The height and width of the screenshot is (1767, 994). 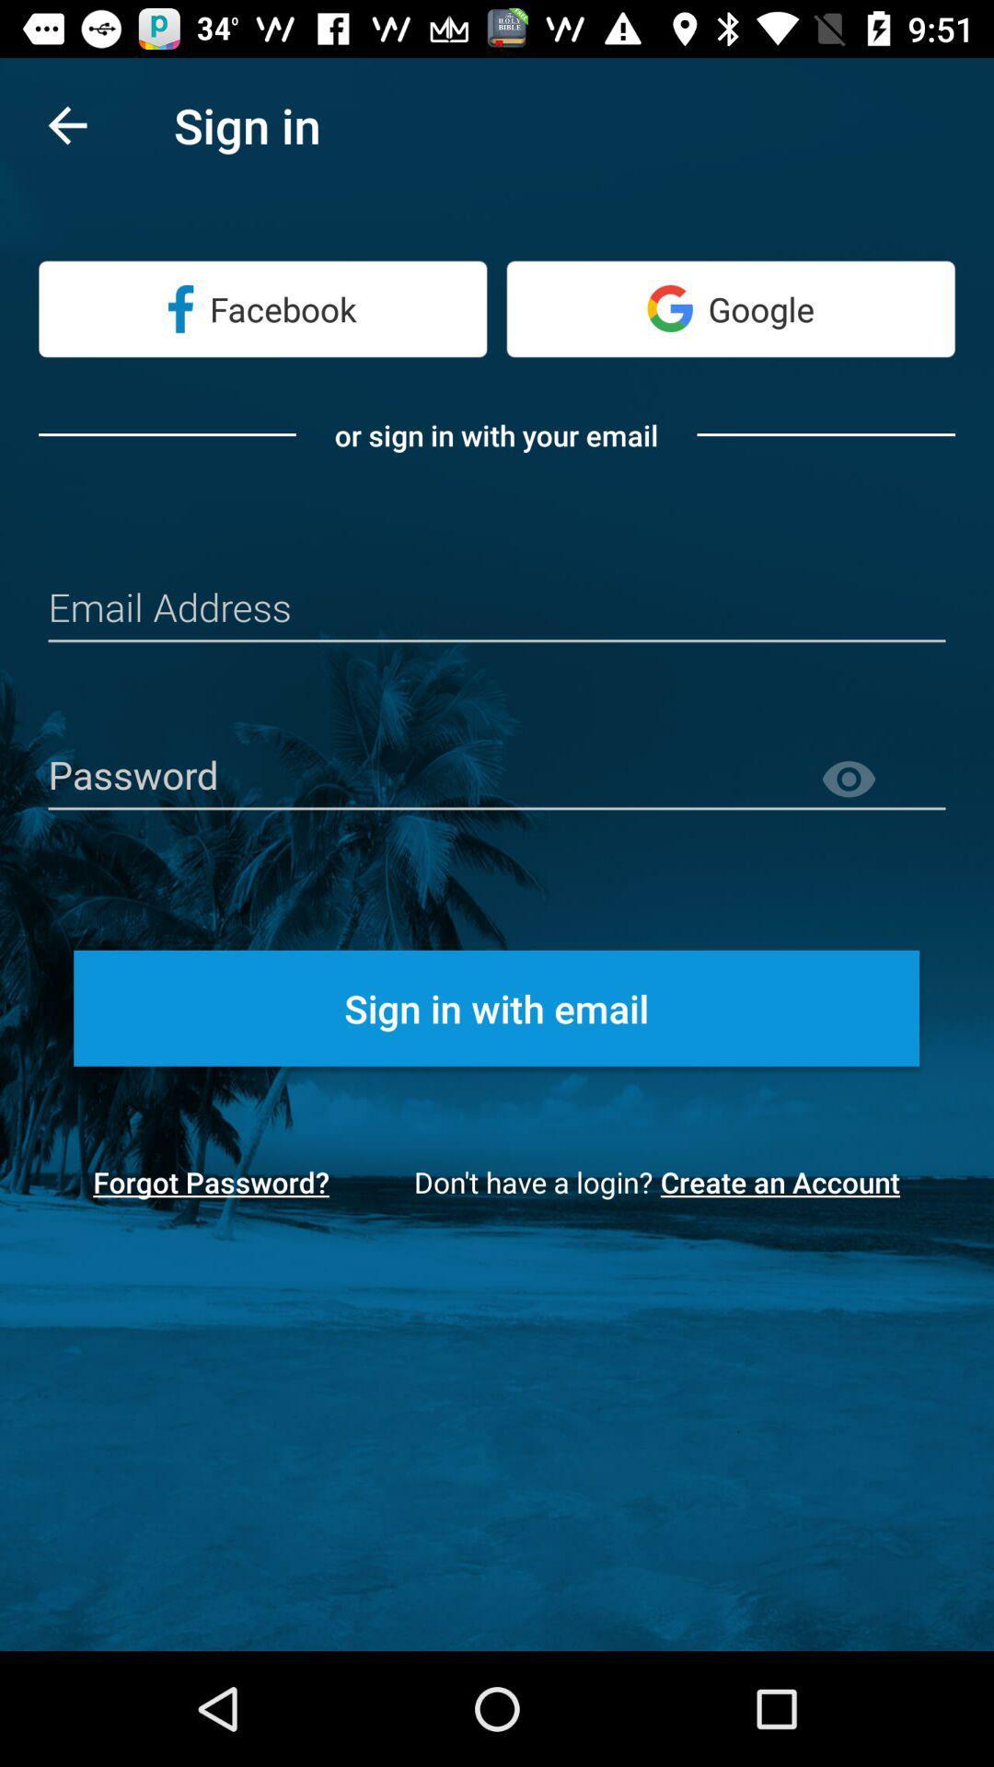 What do you see at coordinates (210, 1182) in the screenshot?
I see `icon next to don t have` at bounding box center [210, 1182].